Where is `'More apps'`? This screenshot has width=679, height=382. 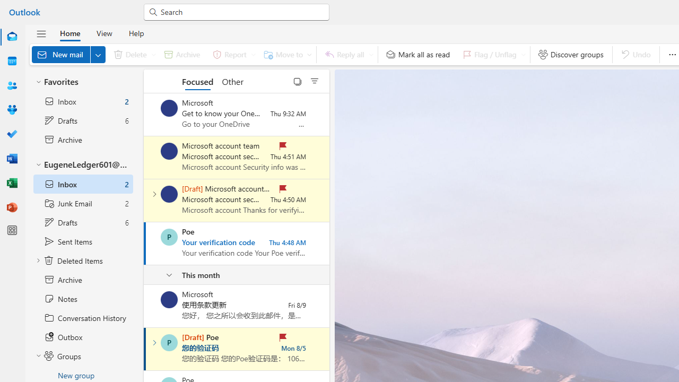
'More apps' is located at coordinates (12, 230).